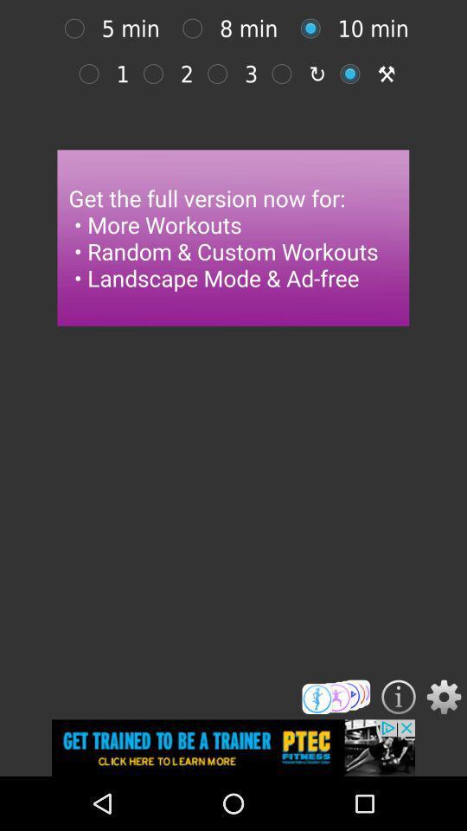 The height and width of the screenshot is (831, 467). What do you see at coordinates (444, 697) in the screenshot?
I see `open settings` at bounding box center [444, 697].